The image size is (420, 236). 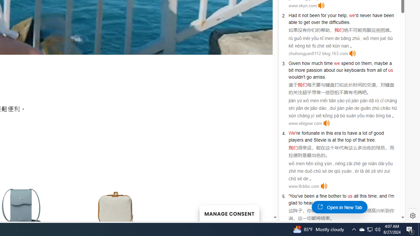 I want to click on 'of', so click(x=385, y=70).